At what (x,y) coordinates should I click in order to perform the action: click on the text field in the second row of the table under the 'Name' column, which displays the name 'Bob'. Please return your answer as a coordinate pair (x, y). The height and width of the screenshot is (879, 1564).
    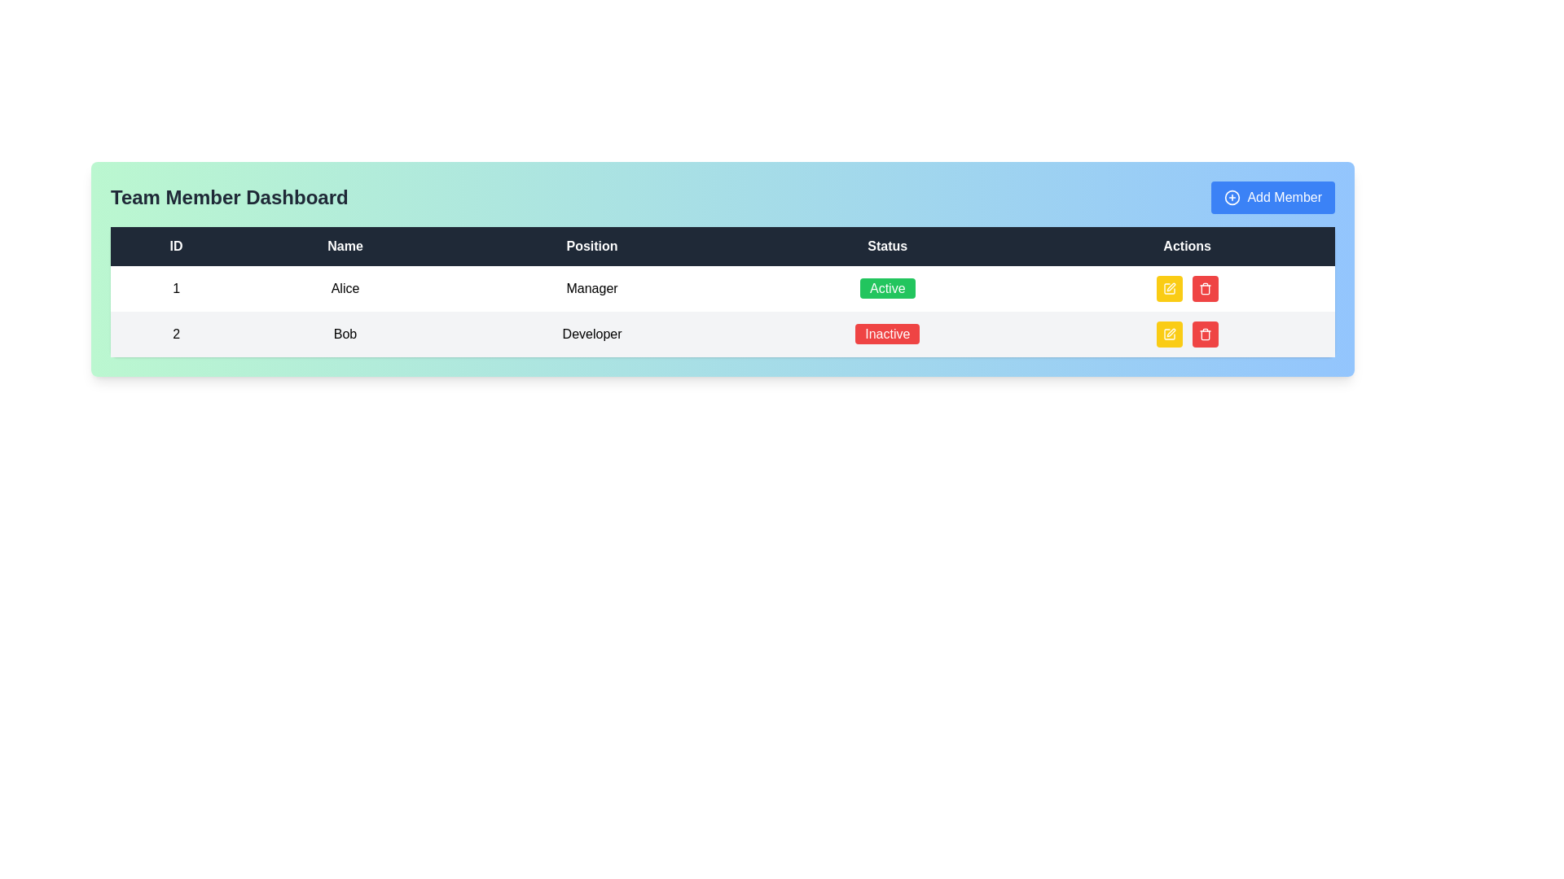
    Looking at the image, I should click on (344, 334).